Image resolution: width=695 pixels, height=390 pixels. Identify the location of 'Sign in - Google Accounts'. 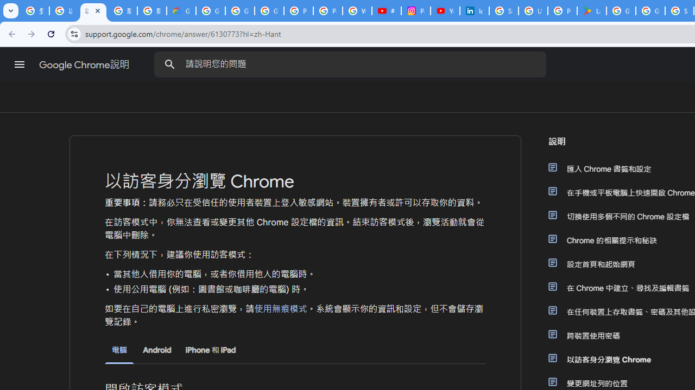
(503, 11).